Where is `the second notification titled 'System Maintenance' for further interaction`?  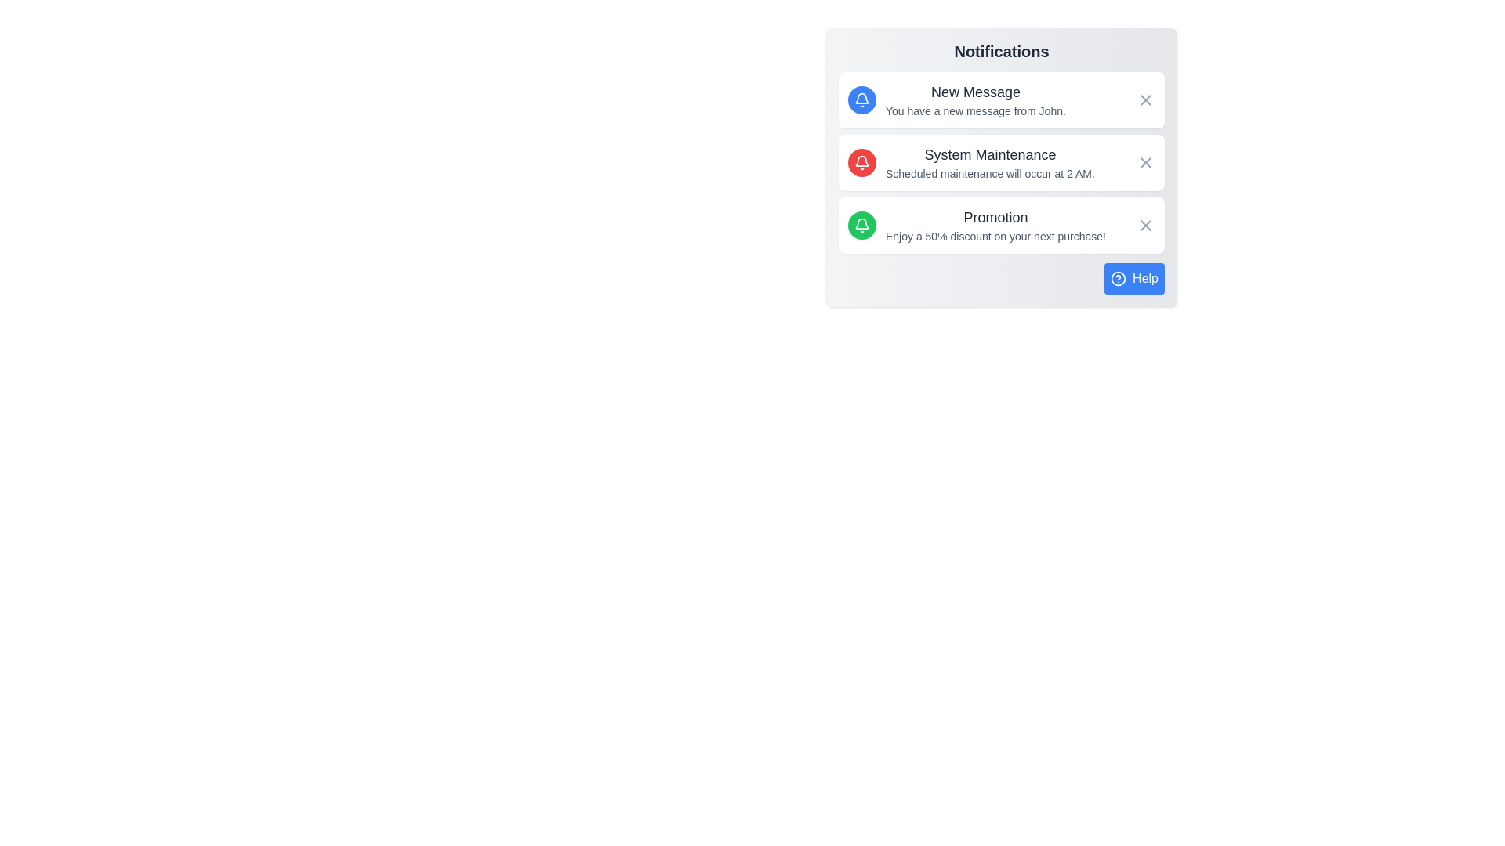 the second notification titled 'System Maintenance' for further interaction is located at coordinates (989, 163).